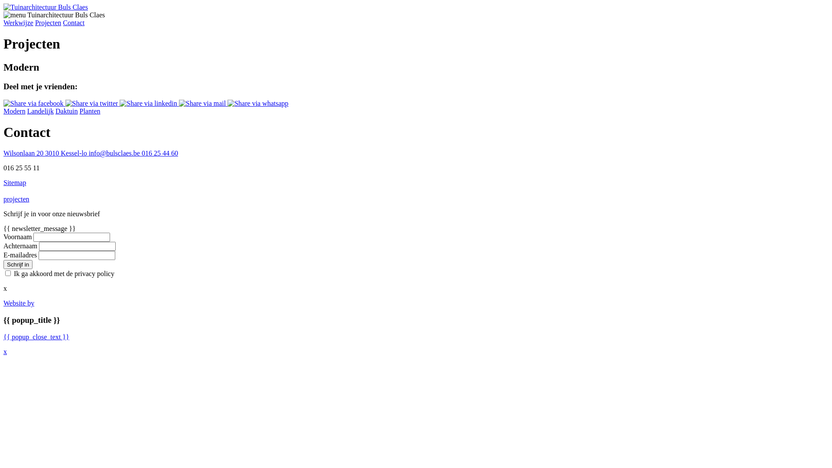  What do you see at coordinates (55, 110) in the screenshot?
I see `'Daktuin'` at bounding box center [55, 110].